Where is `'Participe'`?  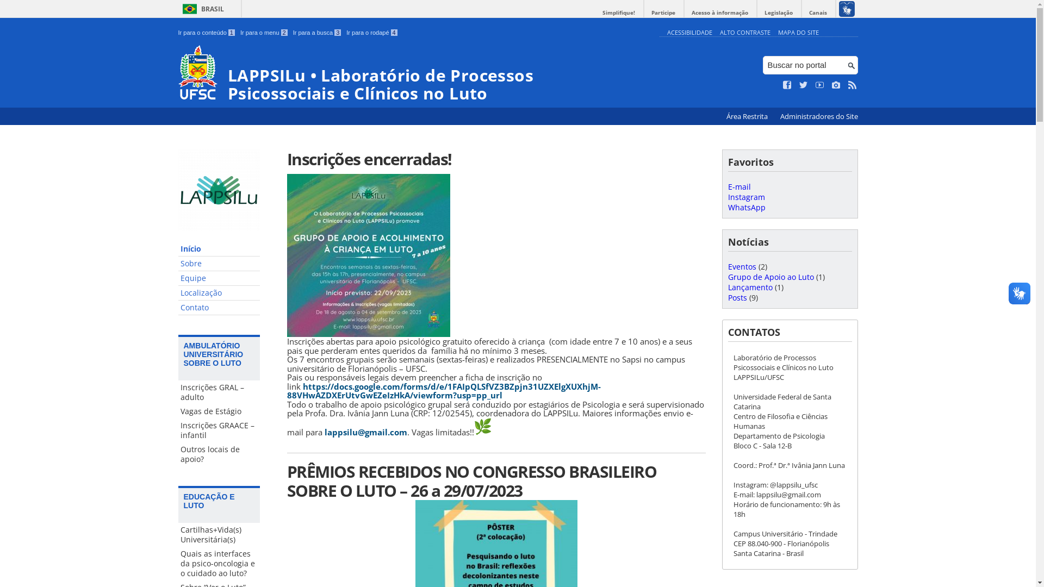 'Participe' is located at coordinates (662, 13).